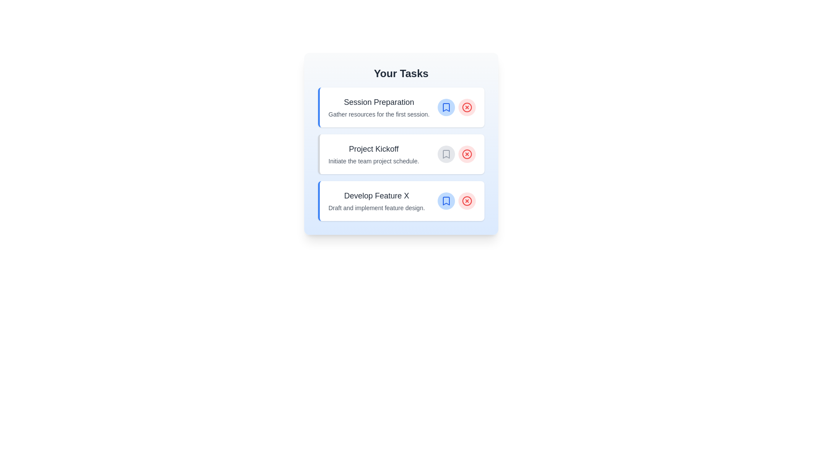  I want to click on the task titled 'Session Preparation' to see its hover effect, so click(401, 107).